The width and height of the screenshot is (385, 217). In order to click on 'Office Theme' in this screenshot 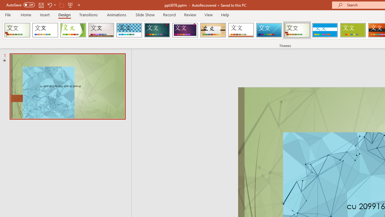, I will do `click(45, 30)`.